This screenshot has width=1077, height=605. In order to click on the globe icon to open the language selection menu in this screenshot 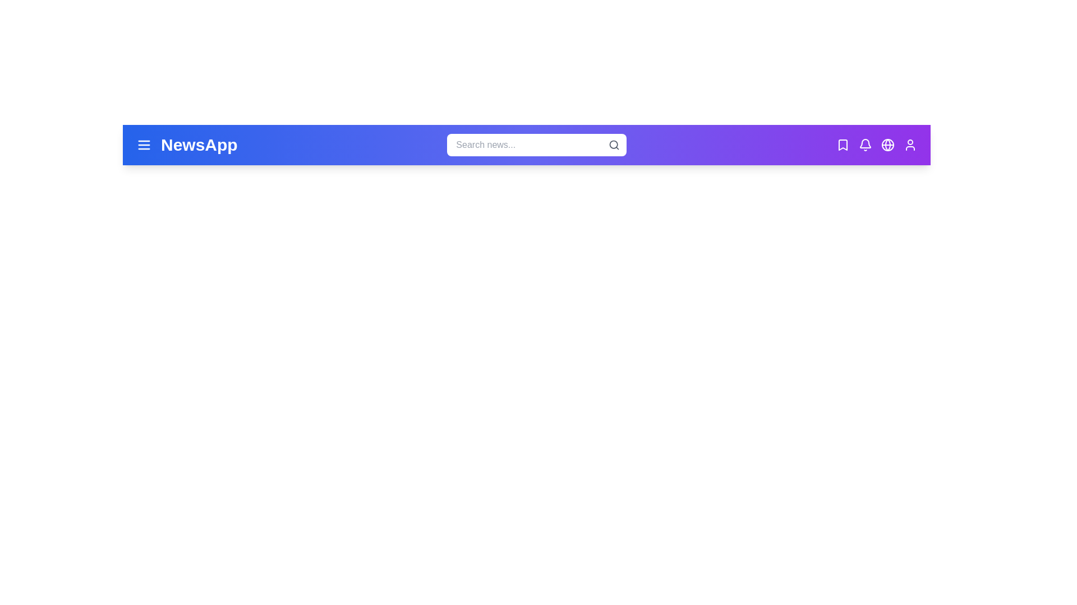, I will do `click(887, 144)`.